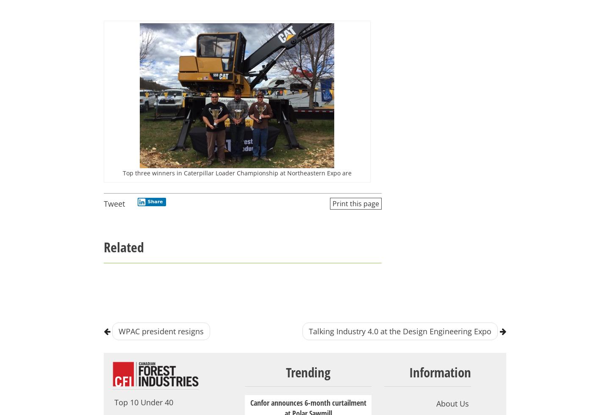 The height and width of the screenshot is (415, 610). Describe the element at coordinates (114, 203) in the screenshot. I see `'Tweet'` at that location.